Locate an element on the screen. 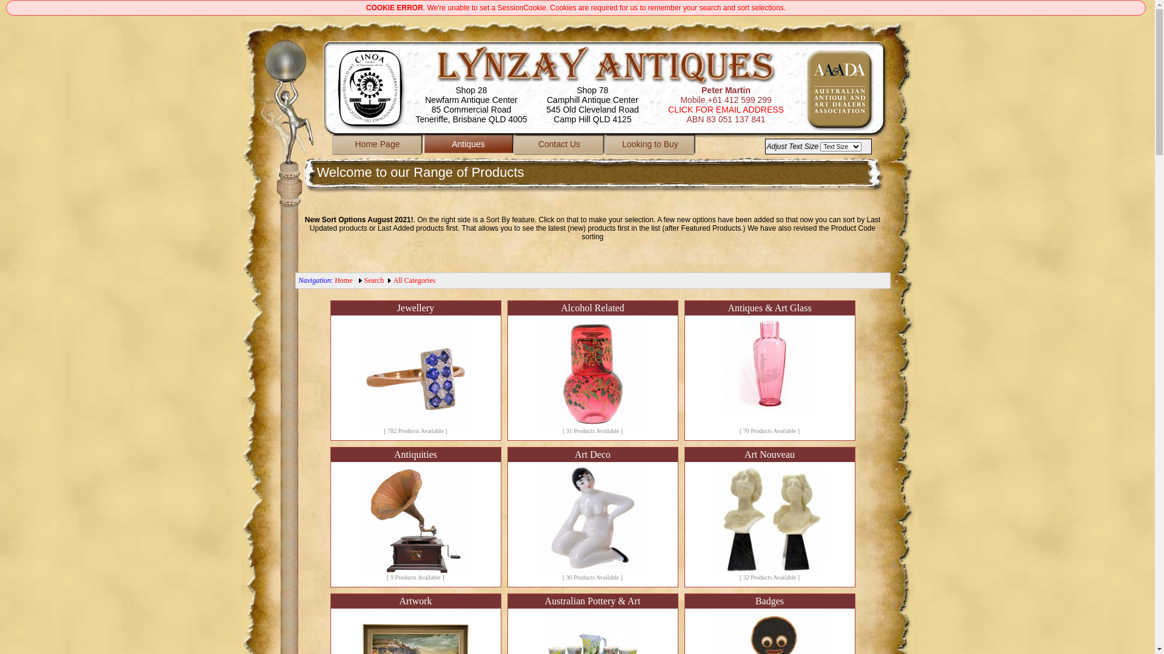 The height and width of the screenshot is (654, 1164). 'Home Page' is located at coordinates (332, 145).